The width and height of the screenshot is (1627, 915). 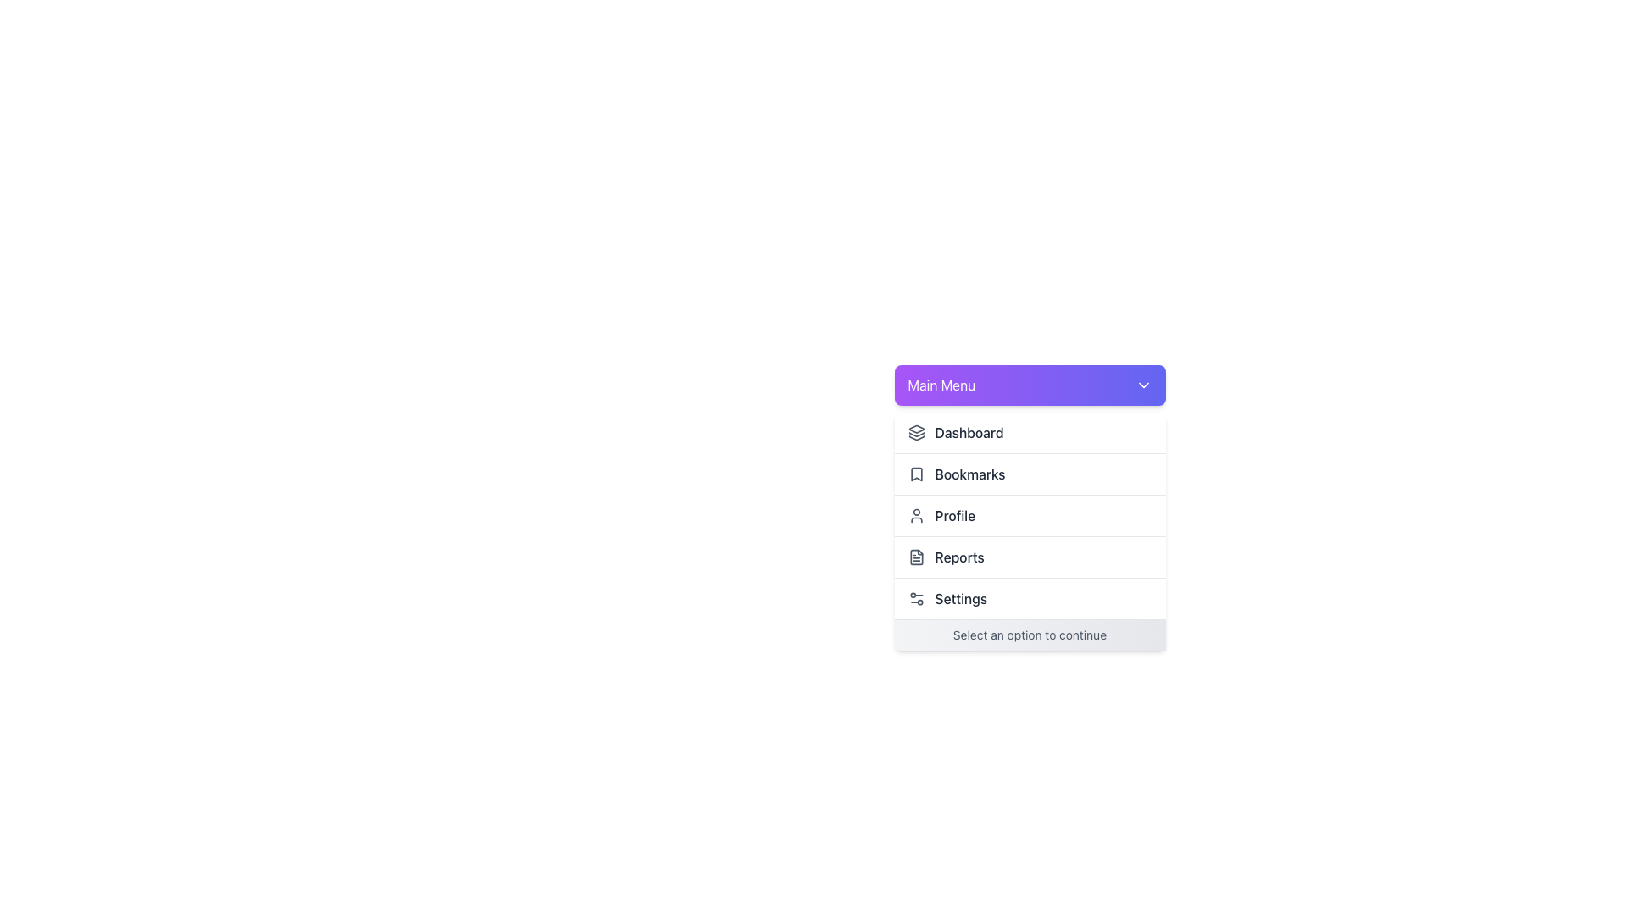 What do you see at coordinates (915, 597) in the screenshot?
I see `the 'Settings' icon, which is the leftmost icon in the 'Settings' option of the vertical menu within the dropdown labeled 'Main Menu'` at bounding box center [915, 597].